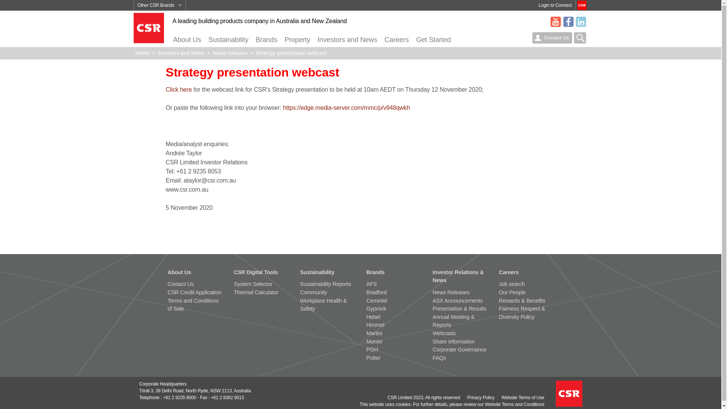 The height and width of the screenshot is (409, 727). Describe the element at coordinates (439, 358) in the screenshot. I see `'FAQs'` at that location.